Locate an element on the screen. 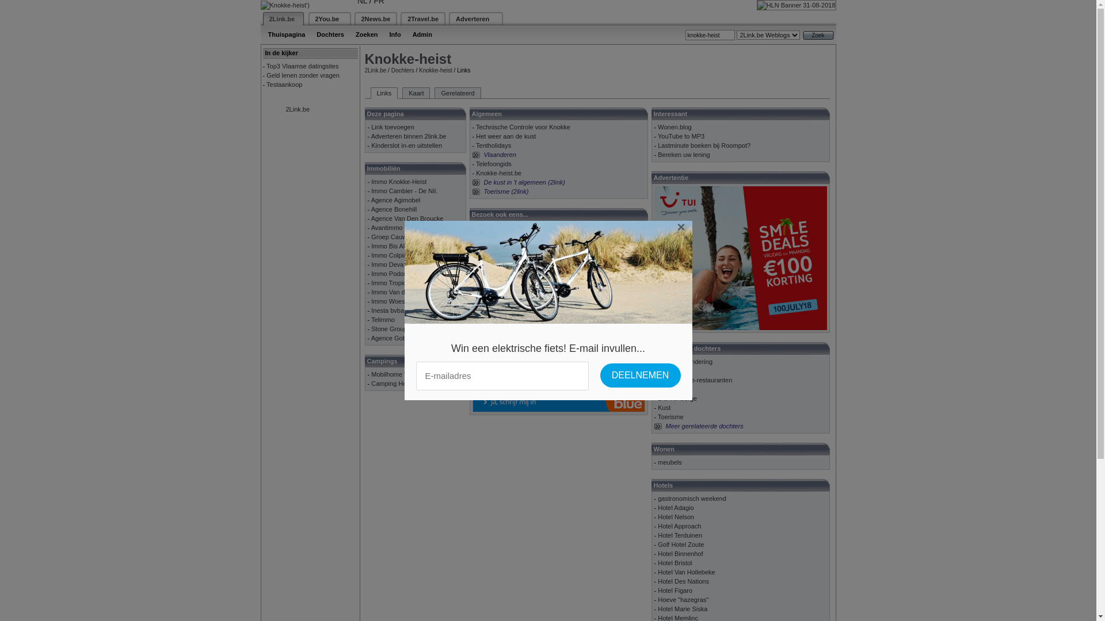  'Geld lenen zonder vragen' is located at coordinates (303, 75).